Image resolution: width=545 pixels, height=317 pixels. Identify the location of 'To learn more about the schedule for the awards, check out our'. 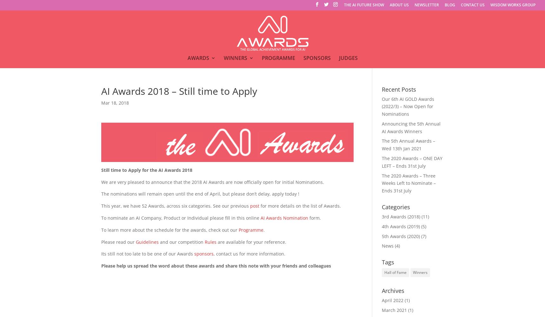
(169, 229).